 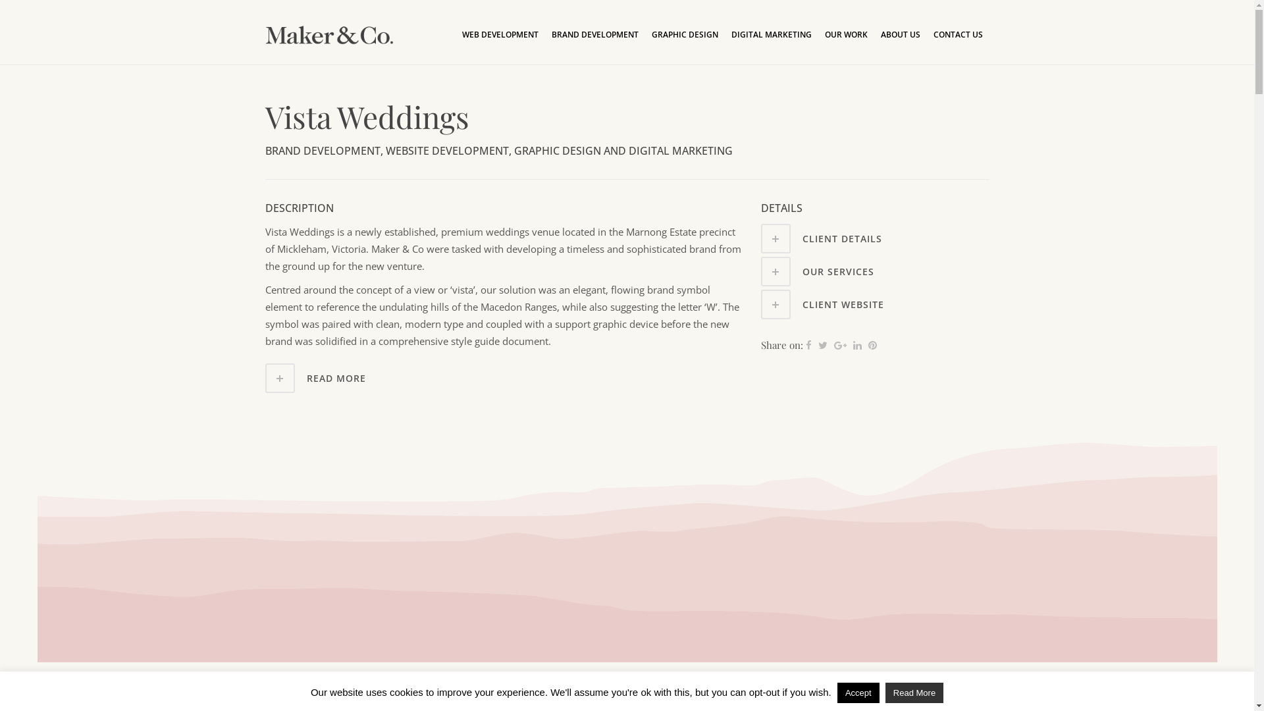 What do you see at coordinates (958, 34) in the screenshot?
I see `'CONTACT US'` at bounding box center [958, 34].